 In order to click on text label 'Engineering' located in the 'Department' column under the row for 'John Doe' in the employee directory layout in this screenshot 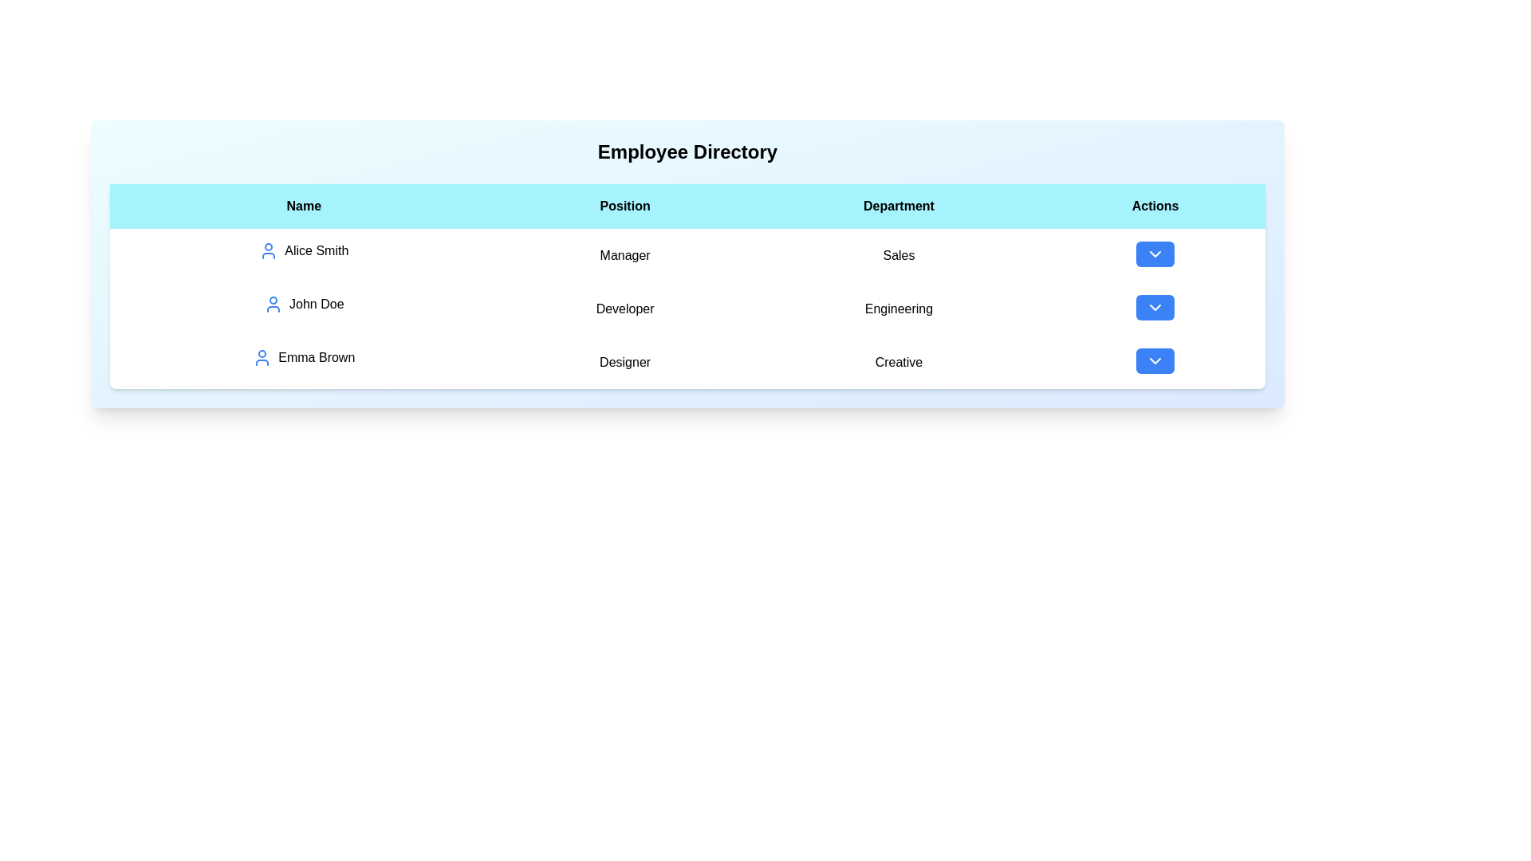, I will do `click(899, 309)`.